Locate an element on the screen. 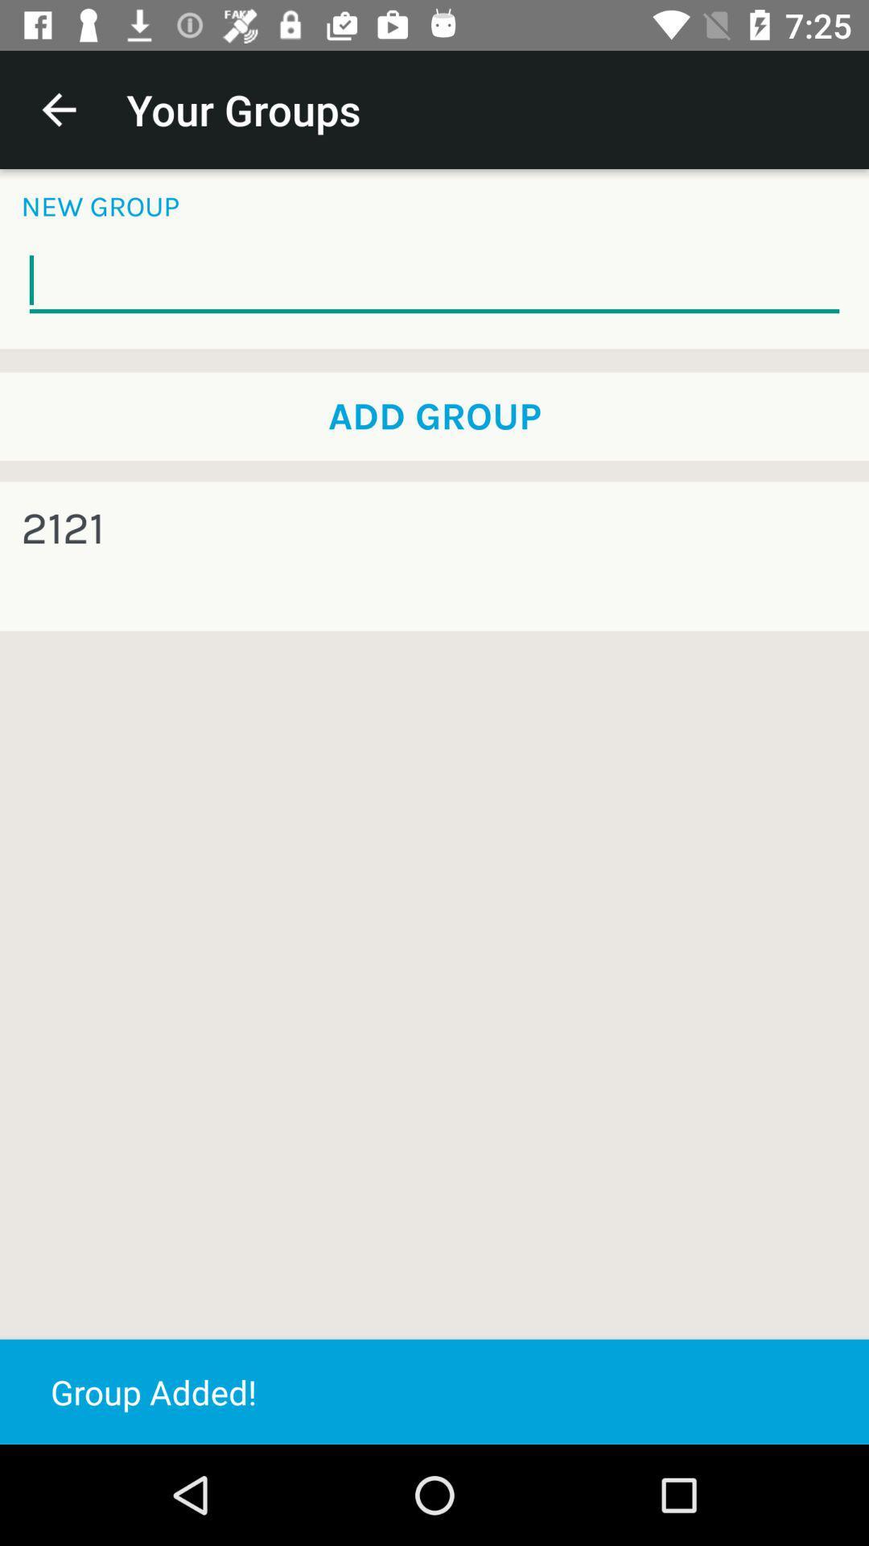 The image size is (869, 1546). the icon below the add group item is located at coordinates (61, 529).